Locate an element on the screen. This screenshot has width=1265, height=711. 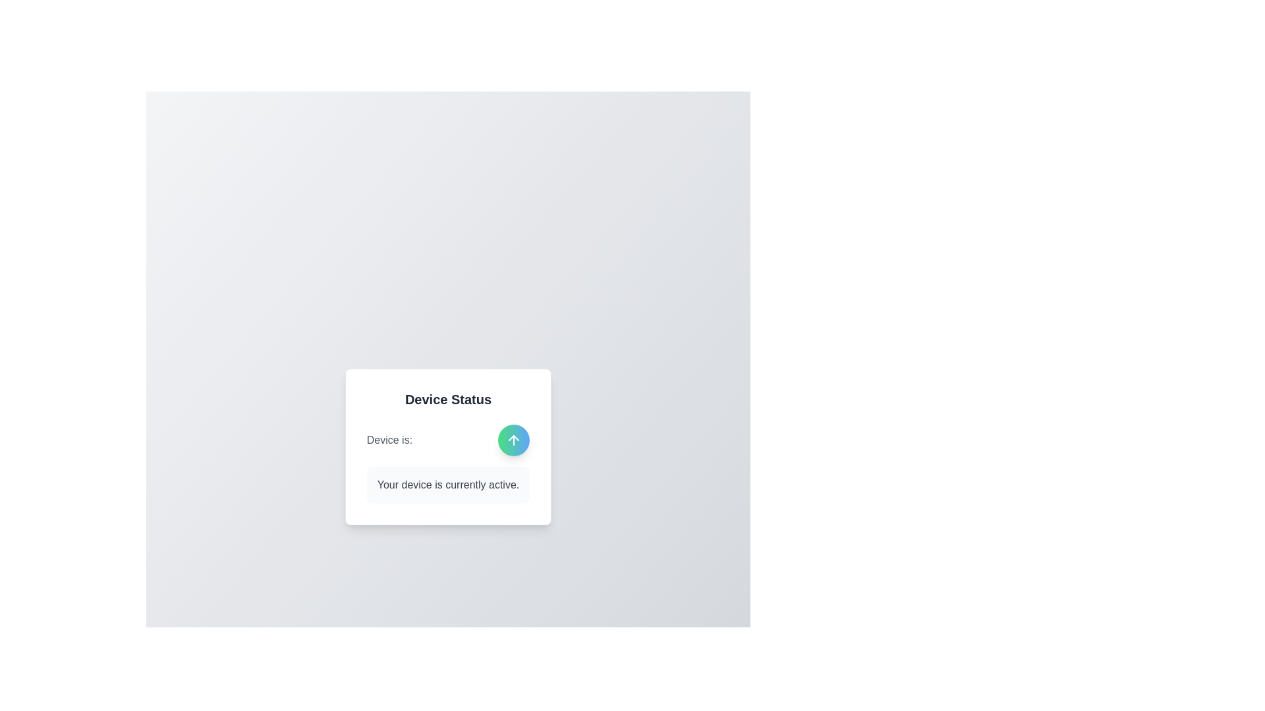
the upward pointing arrow icon within a circular gradient background located on the 'Device Status' card, which is positioned below the text 'Device is:' is located at coordinates (513, 440).